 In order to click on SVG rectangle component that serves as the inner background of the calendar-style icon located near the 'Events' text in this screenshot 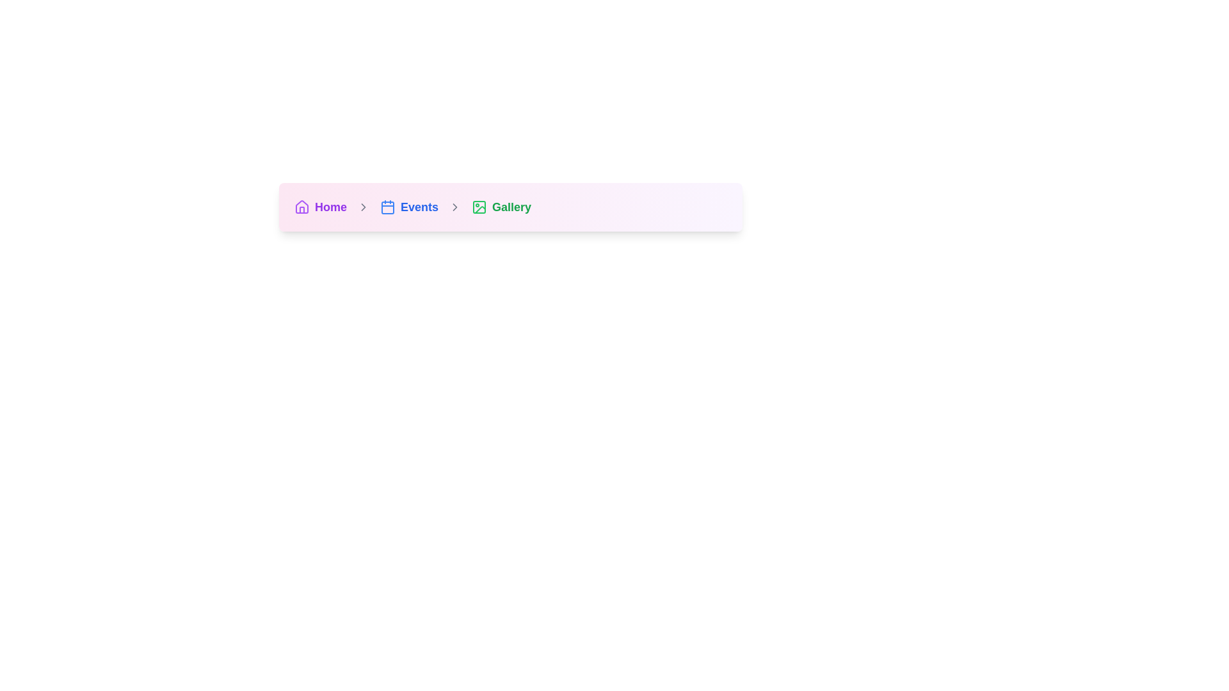, I will do `click(387, 207)`.